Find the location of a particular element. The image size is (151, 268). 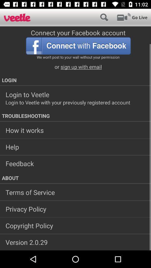

copyright policy app is located at coordinates (75, 226).